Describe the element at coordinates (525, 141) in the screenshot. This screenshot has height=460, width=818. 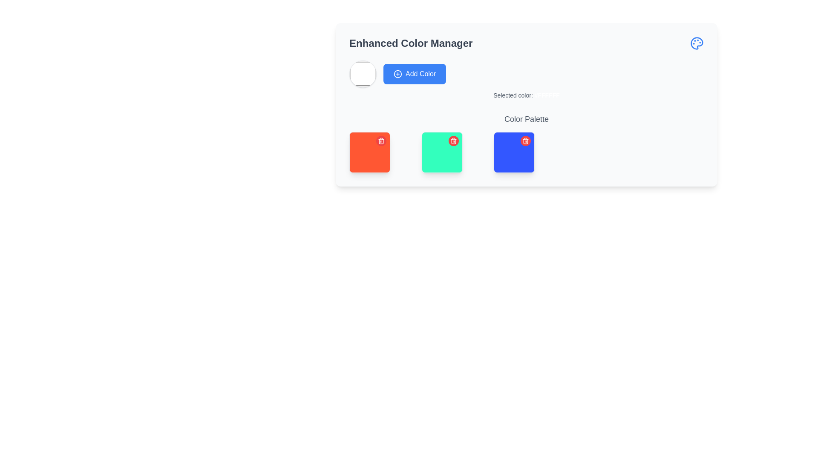
I see `the trash icon, which is a thin-lined drawing of a trash bin located in the top-right section of the blue color block under 'Color Palette'` at that location.